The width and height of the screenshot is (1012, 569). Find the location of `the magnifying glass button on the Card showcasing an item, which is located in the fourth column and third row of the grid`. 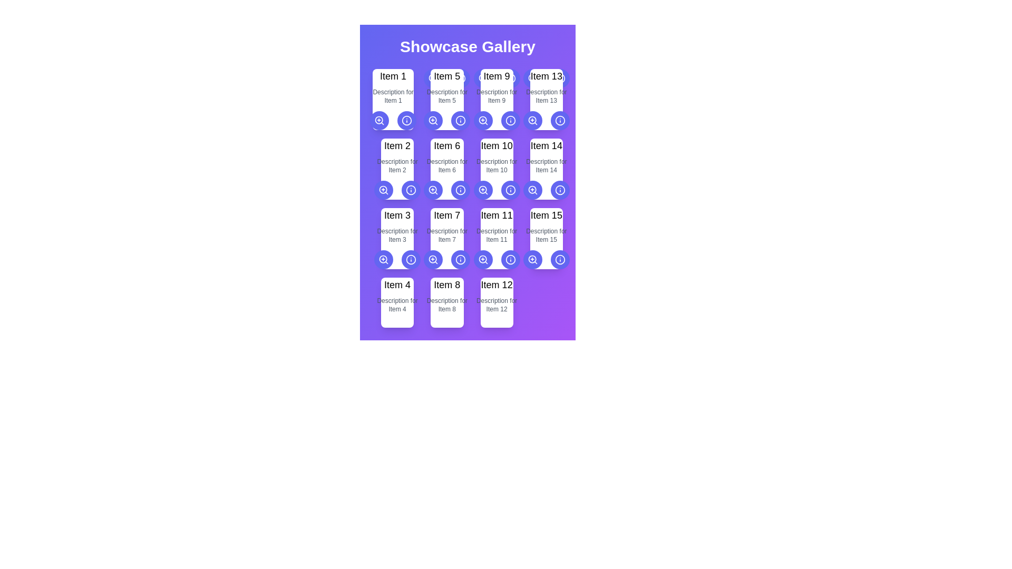

the magnifying glass button on the Card showcasing an item, which is located in the fourth column and third row of the grid is located at coordinates (546, 168).